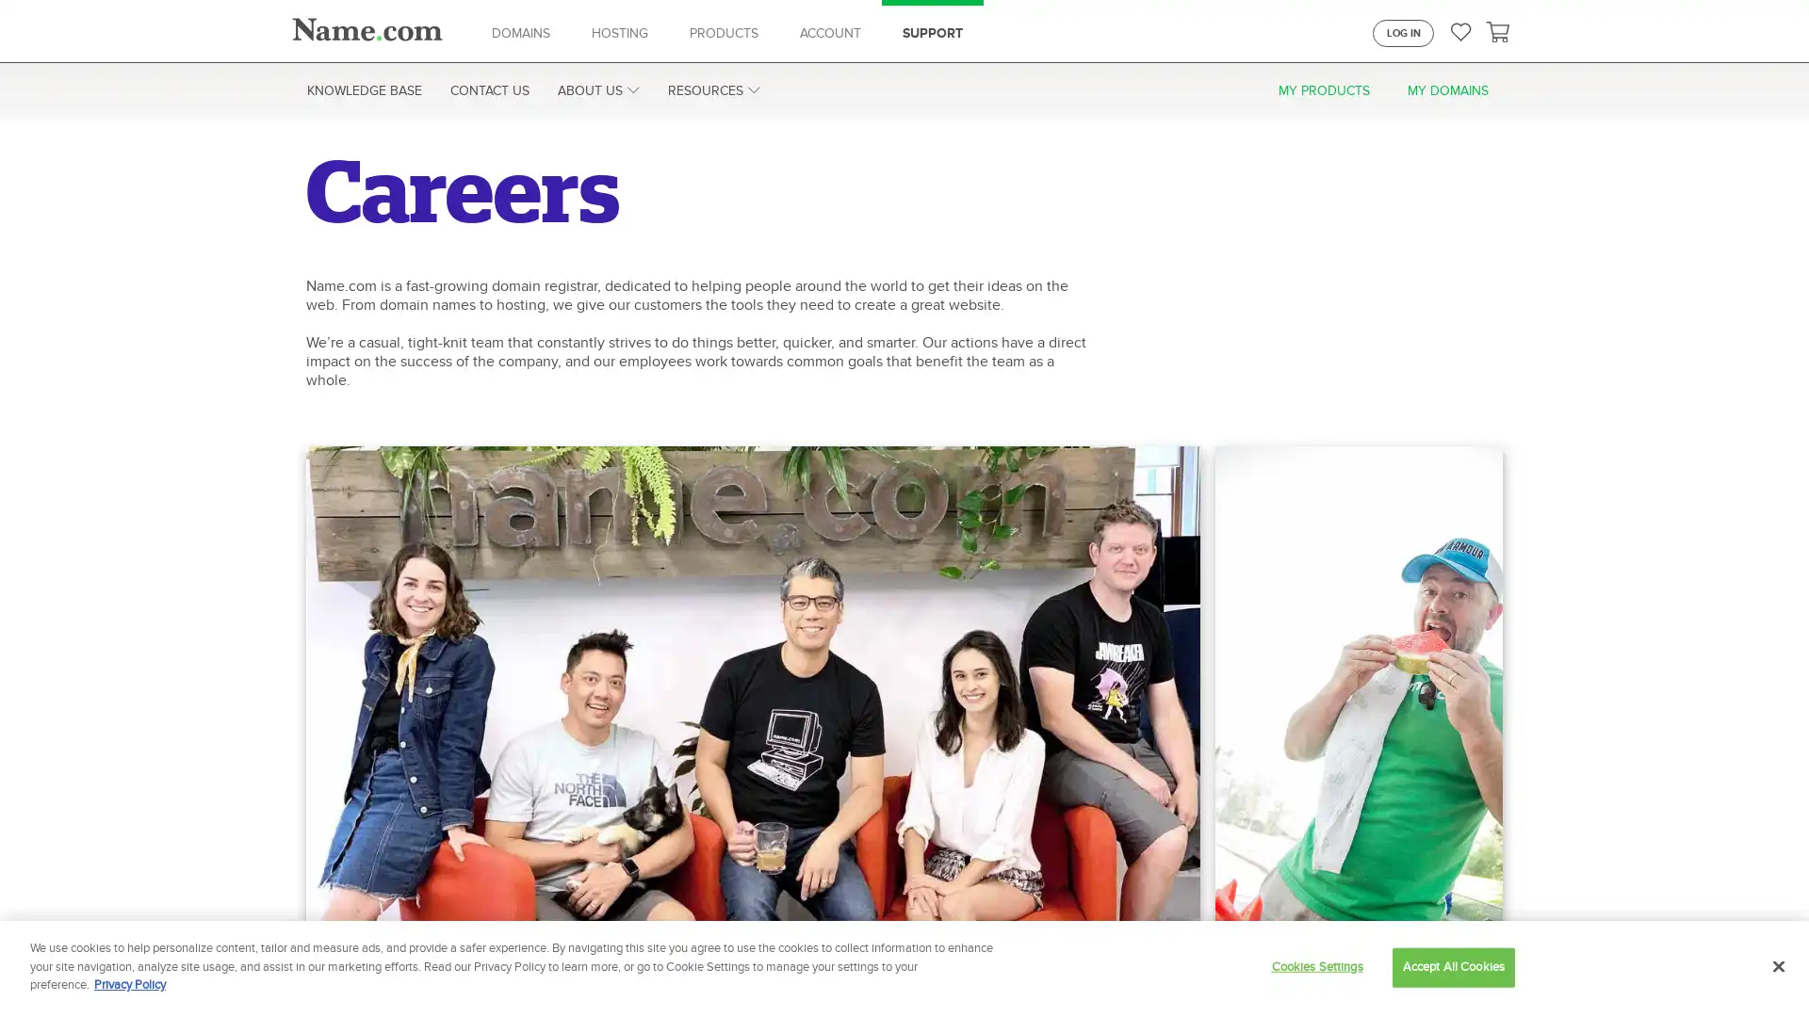  Describe the element at coordinates (1777, 966) in the screenshot. I see `Close` at that location.